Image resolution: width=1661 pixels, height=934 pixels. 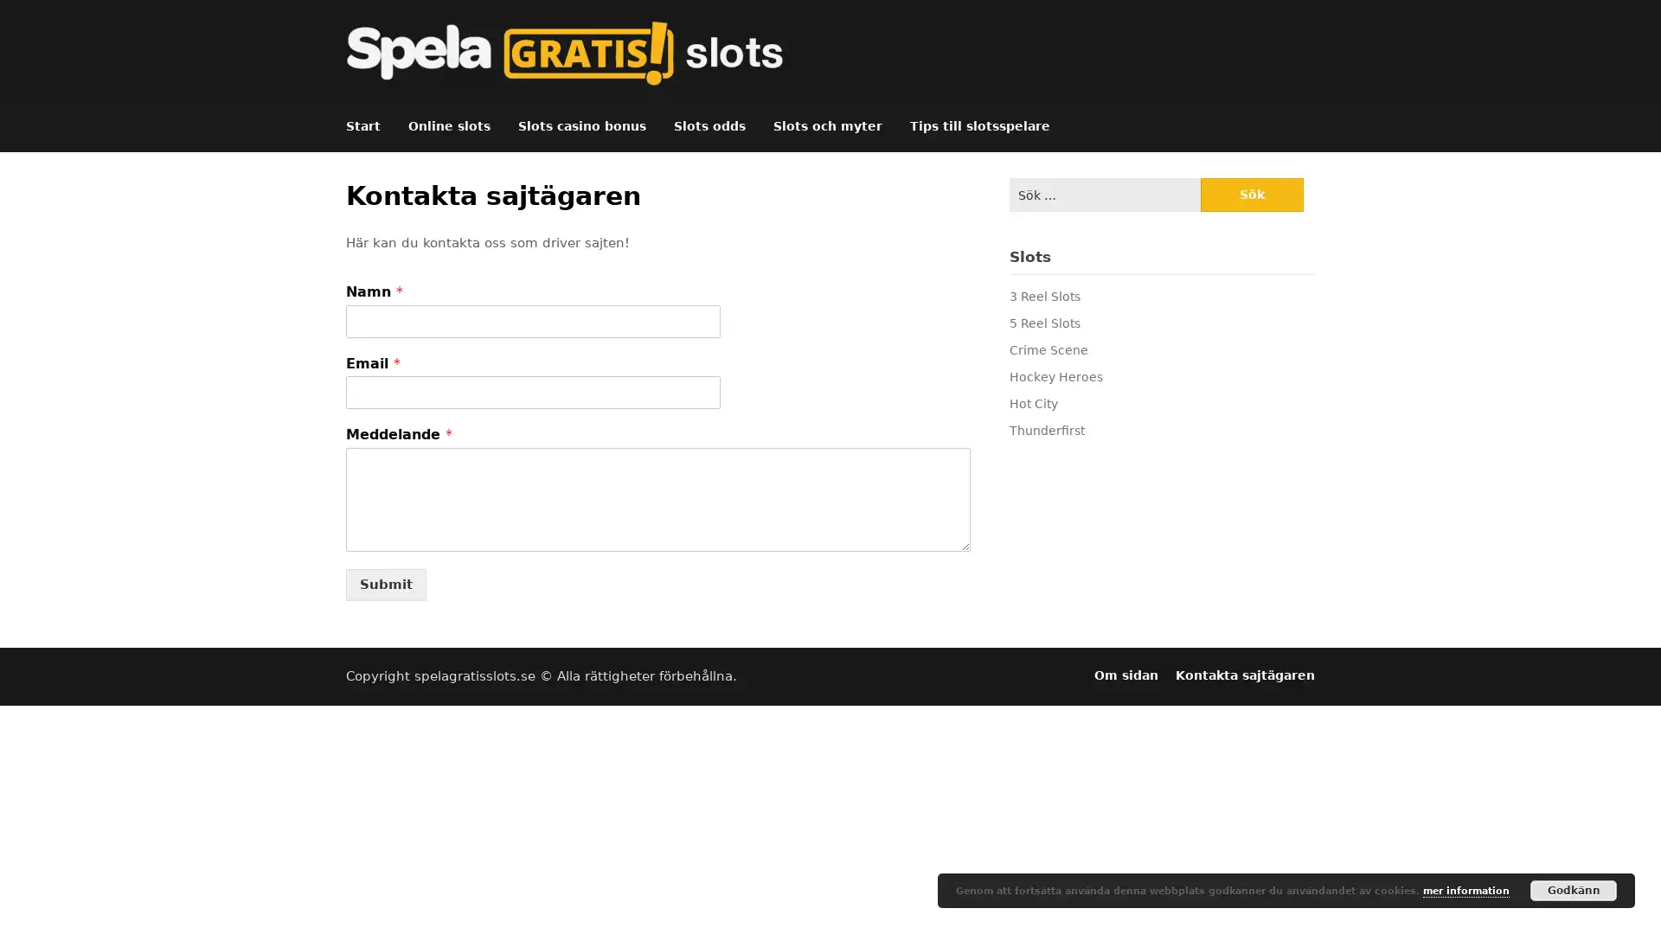 What do you see at coordinates (1251, 195) in the screenshot?
I see `Sok` at bounding box center [1251, 195].